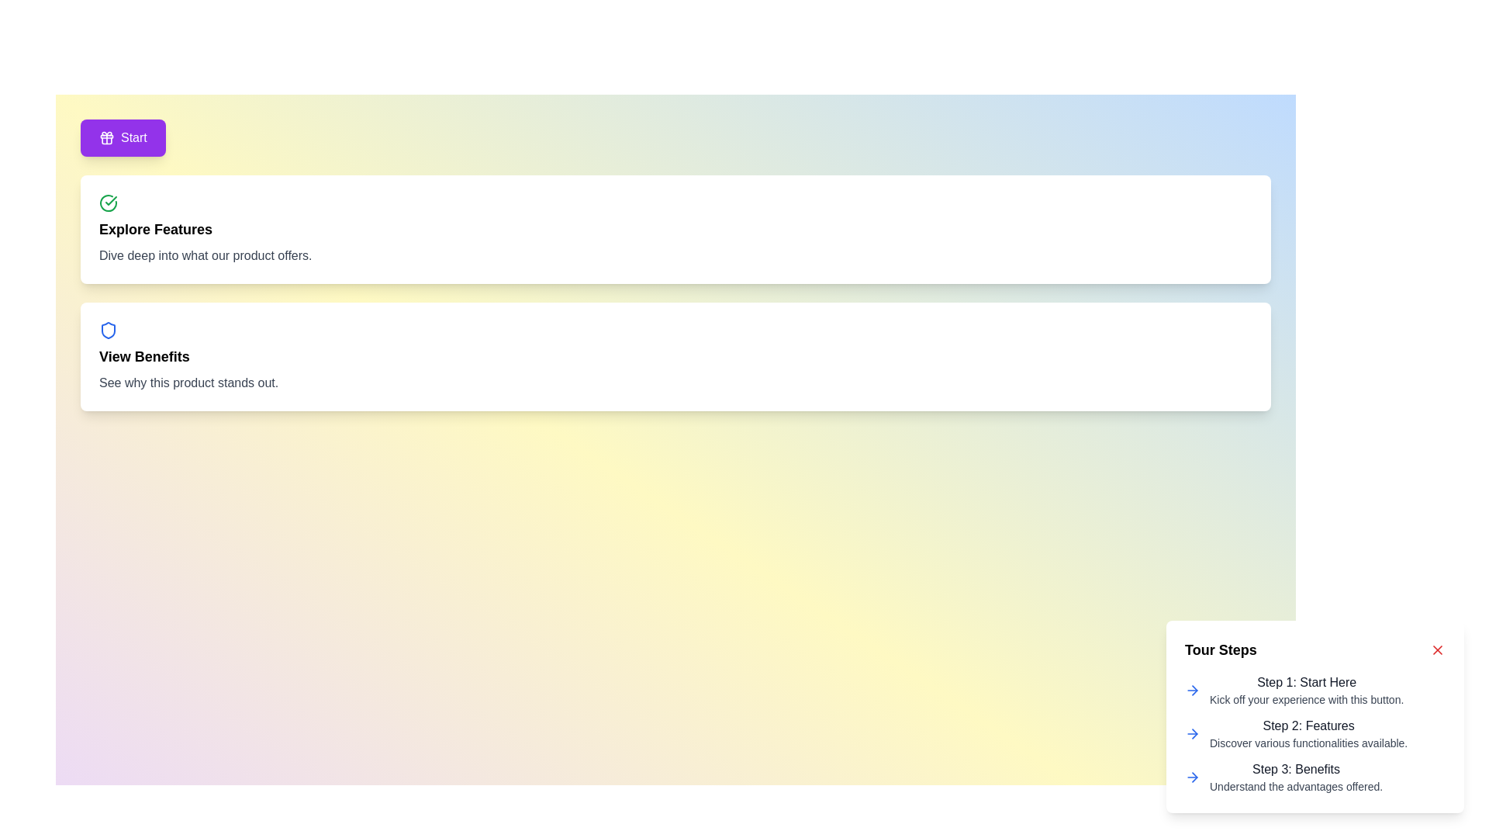  Describe the element at coordinates (107, 203) in the screenshot. I see `the confirmation icon located in the top-left area of the 'Explore Features' card to indicate completion of a task` at that location.